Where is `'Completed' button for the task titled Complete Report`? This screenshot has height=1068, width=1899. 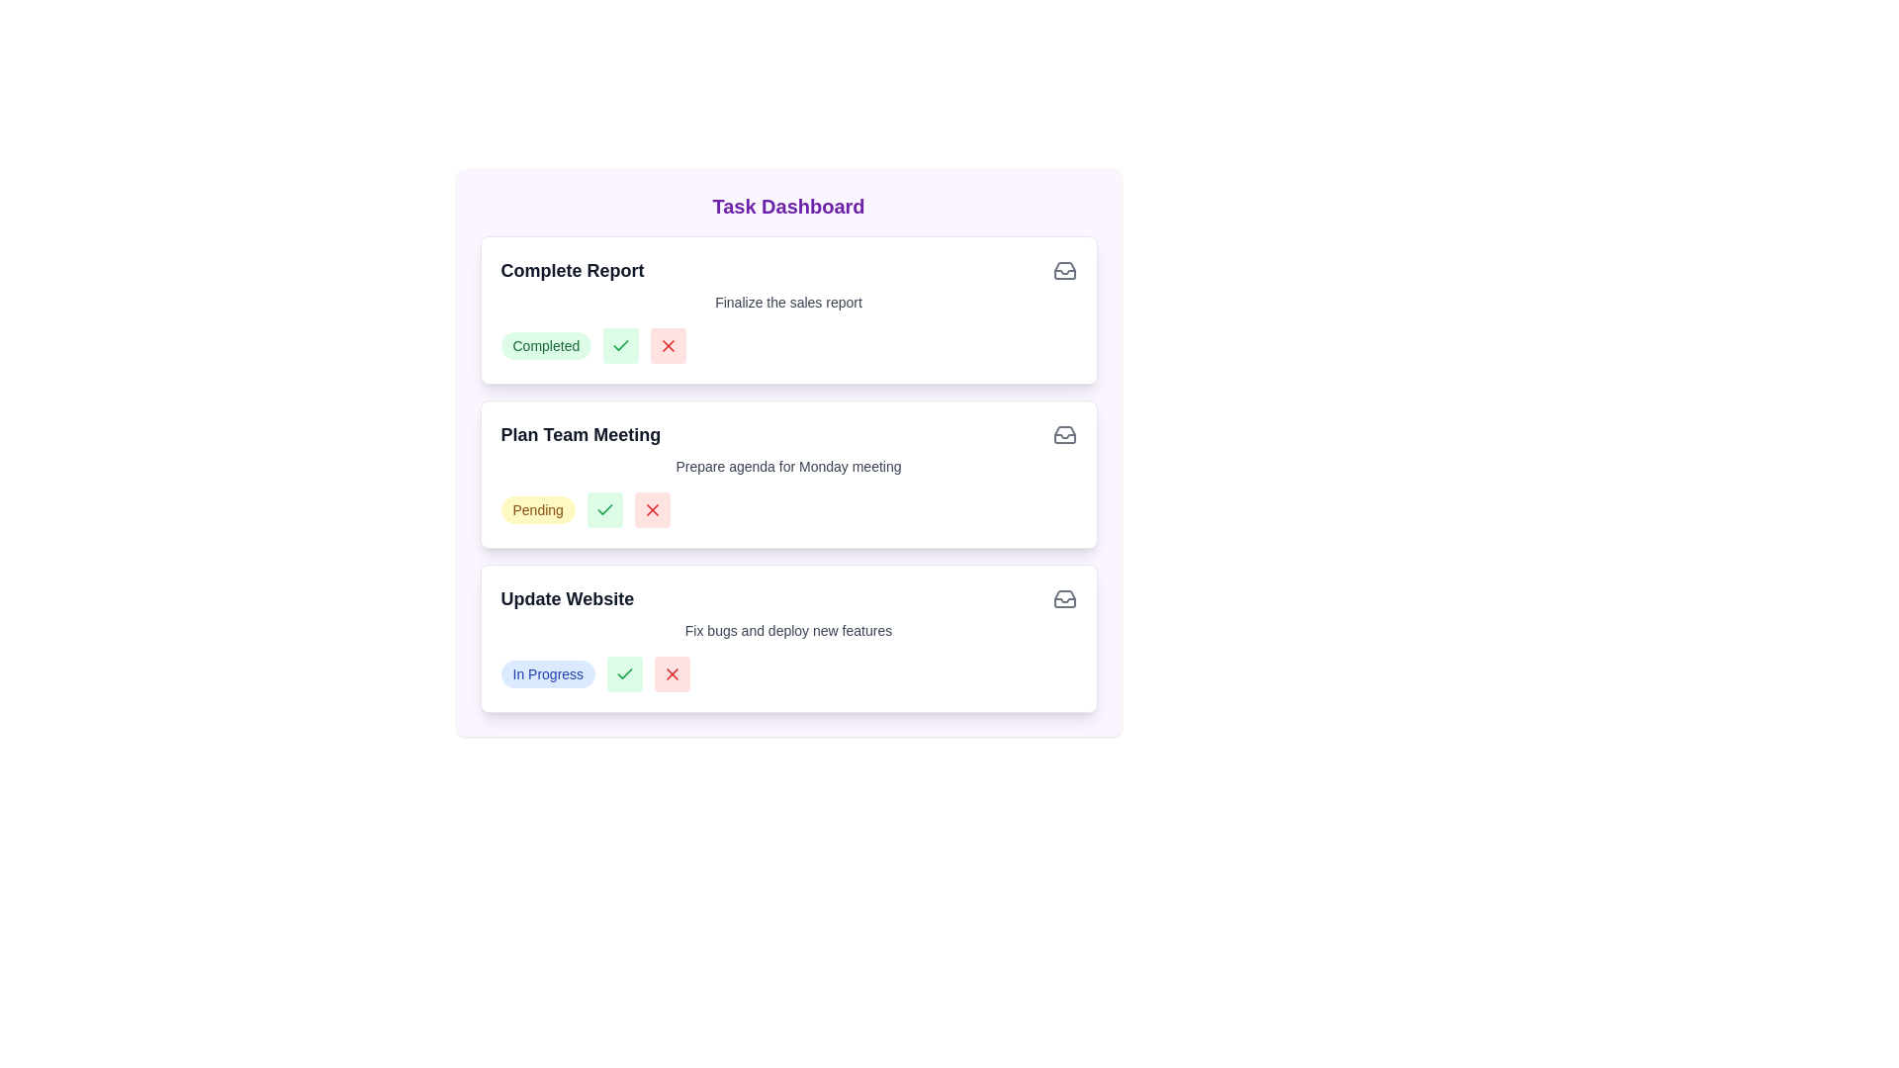 'Completed' button for the task titled Complete Report is located at coordinates (620, 345).